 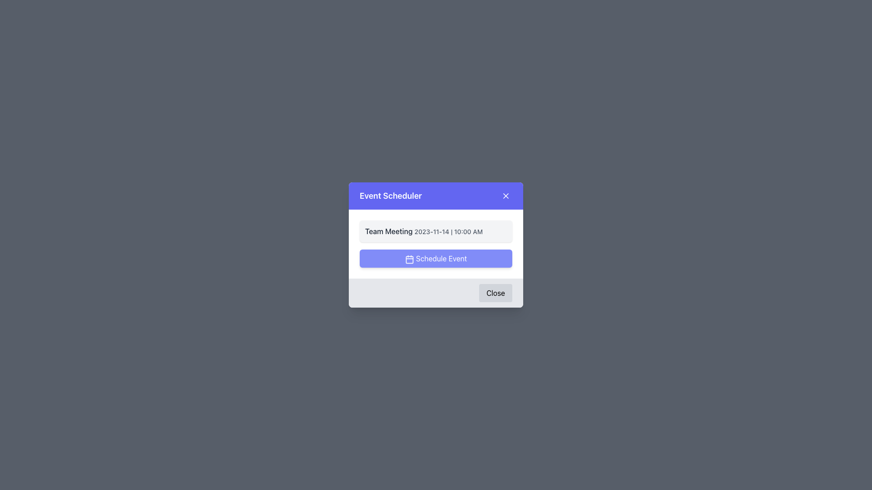 I want to click on the close button located in the top-right corner of the modal's purple header, so click(x=505, y=196).